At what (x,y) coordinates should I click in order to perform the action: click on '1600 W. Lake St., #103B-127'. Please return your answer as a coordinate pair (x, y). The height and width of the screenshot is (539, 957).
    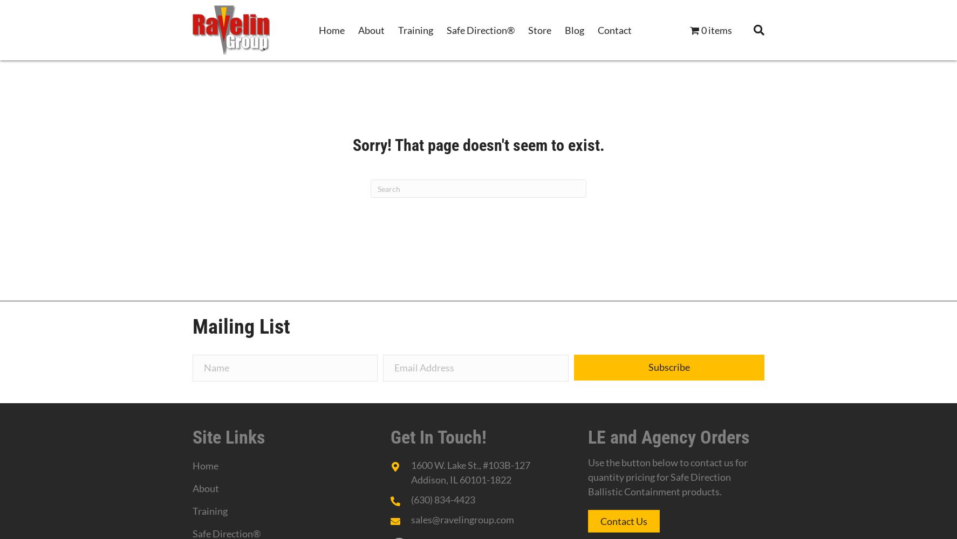
    Looking at the image, I should click on (470, 465).